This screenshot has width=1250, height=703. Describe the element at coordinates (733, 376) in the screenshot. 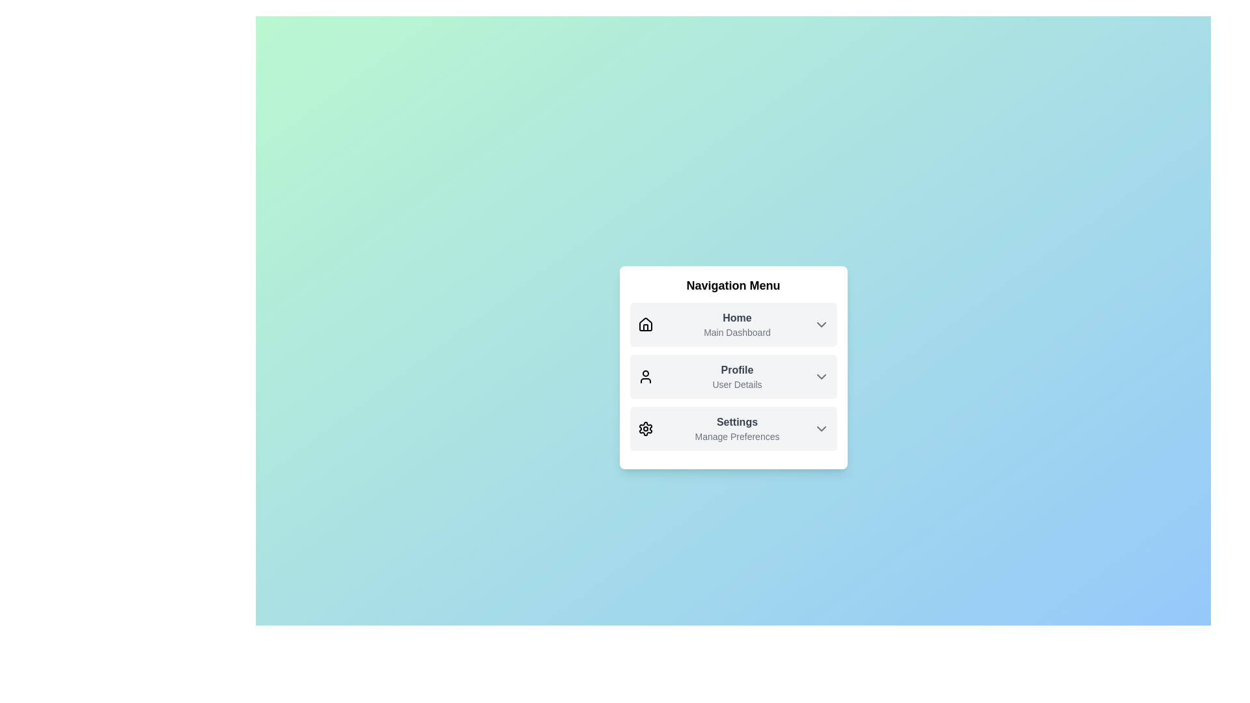

I see `the menu item Profile to navigate` at that location.